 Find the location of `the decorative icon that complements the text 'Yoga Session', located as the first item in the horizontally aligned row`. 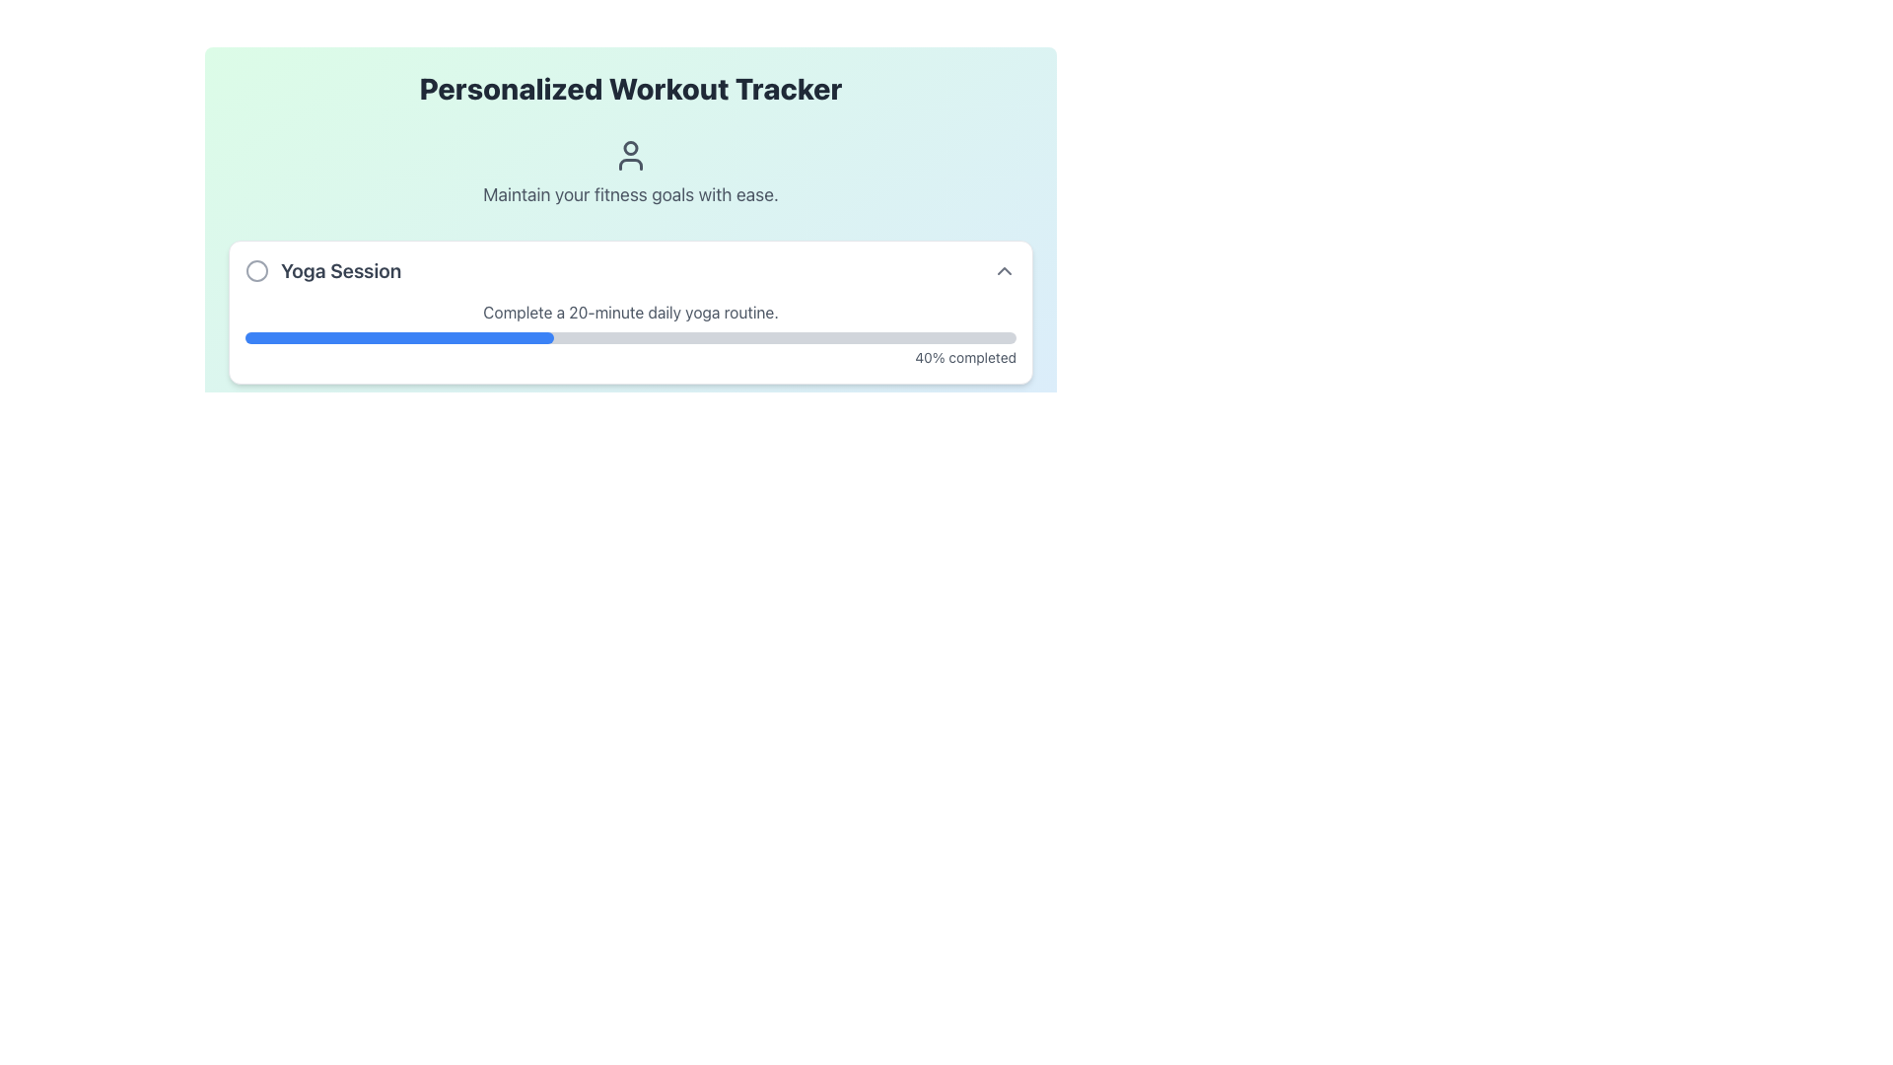

the decorative icon that complements the text 'Yoga Session', located as the first item in the horizontally aligned row is located at coordinates (255, 270).